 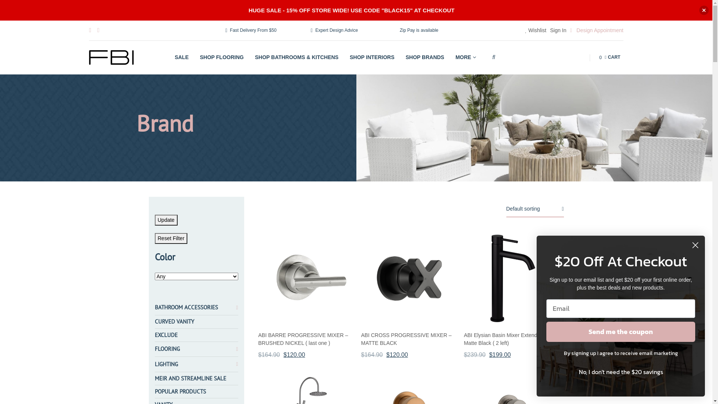 What do you see at coordinates (535, 30) in the screenshot?
I see `'Wishlist'` at bounding box center [535, 30].